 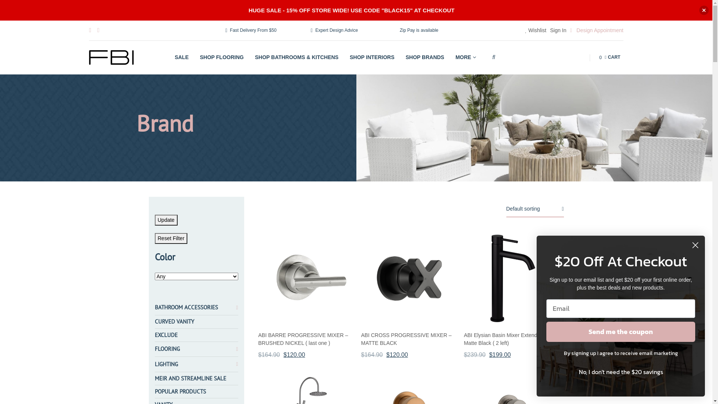 What do you see at coordinates (535, 30) in the screenshot?
I see `'Wishlist'` at bounding box center [535, 30].